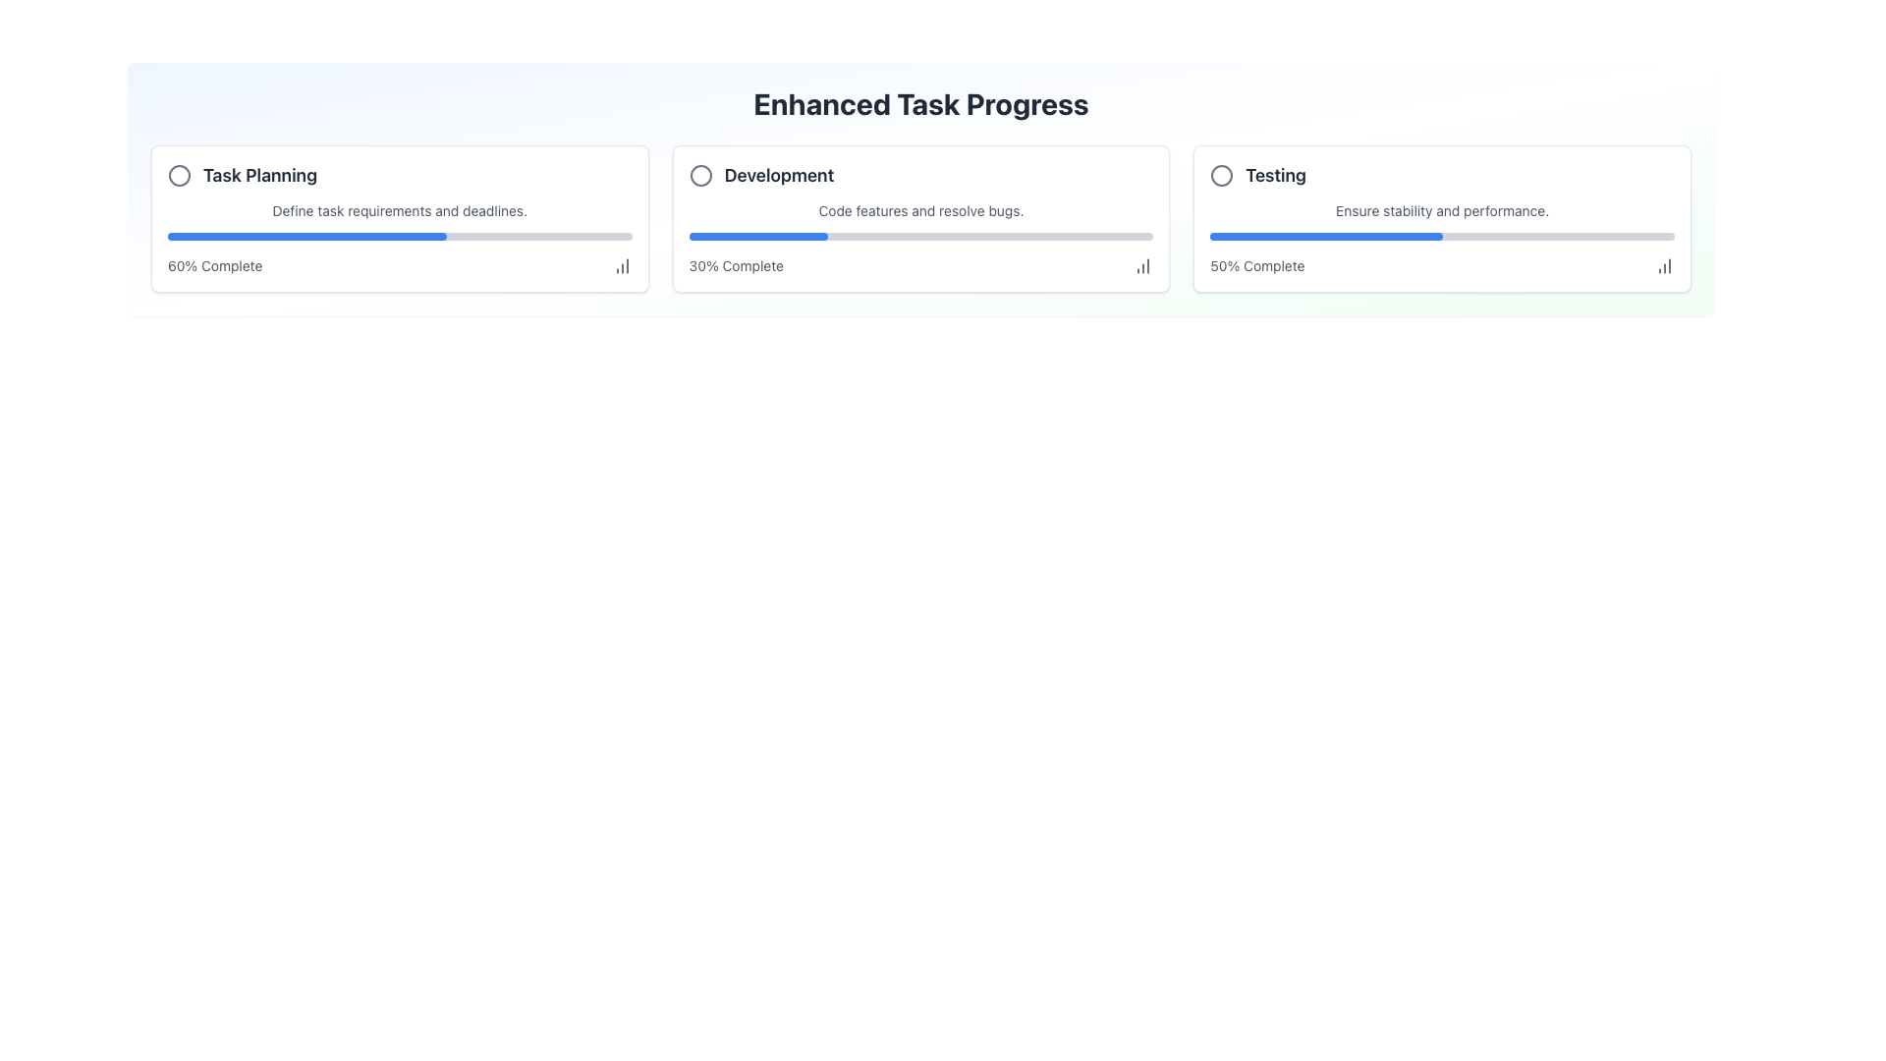 The image size is (1886, 1061). I want to click on the progress indicator text label located in the bottom section of the third card, which provides feedback on task completion percentage, so click(1257, 265).